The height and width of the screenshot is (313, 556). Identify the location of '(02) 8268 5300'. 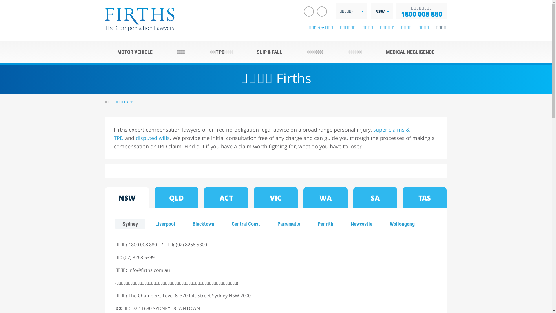
(175, 245).